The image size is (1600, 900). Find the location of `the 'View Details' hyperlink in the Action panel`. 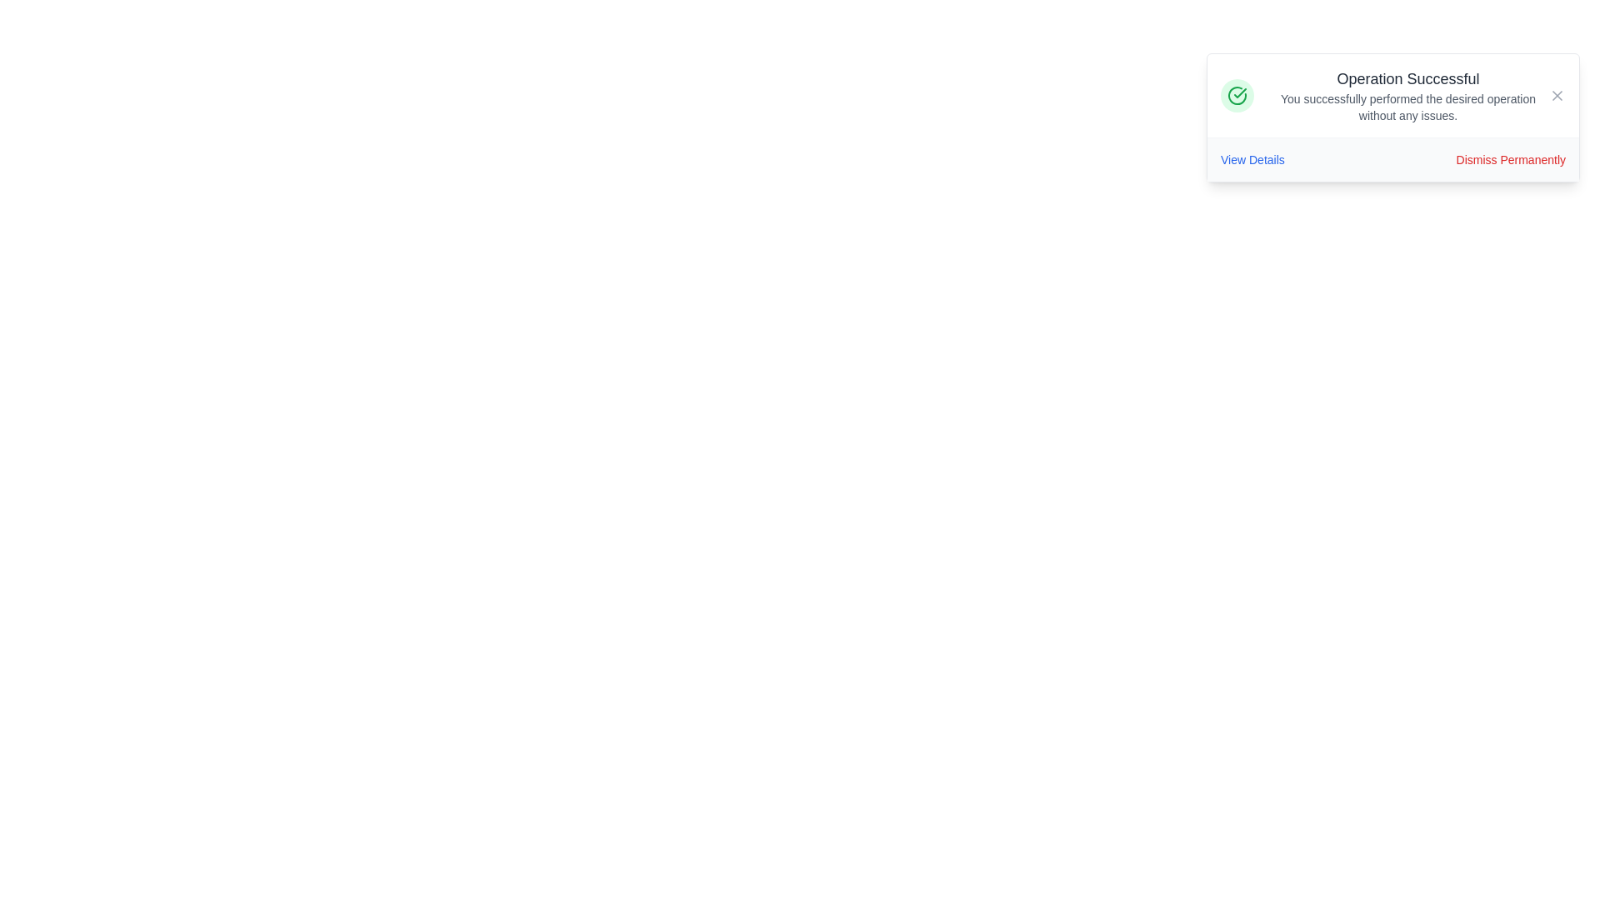

the 'View Details' hyperlink in the Action panel is located at coordinates (1392, 159).